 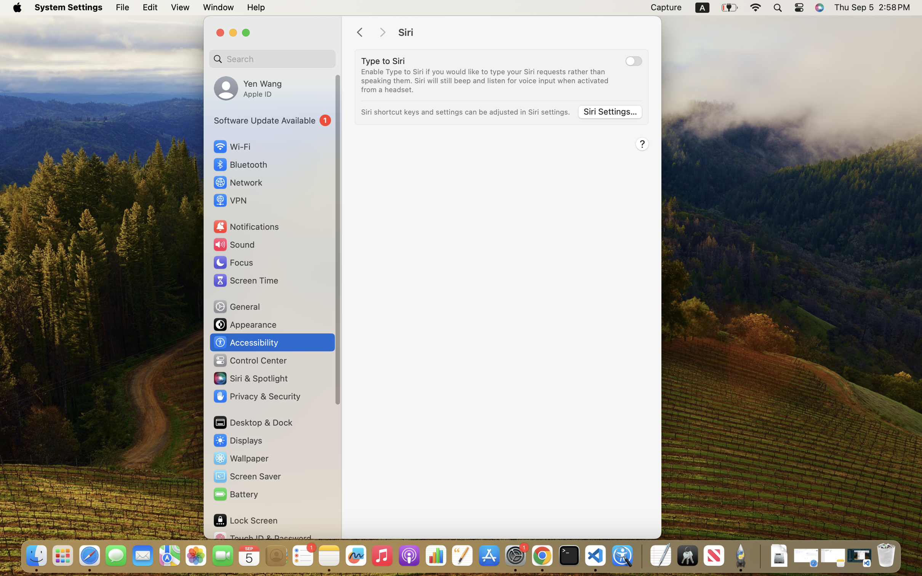 I want to click on 'Desktop & Dock', so click(x=252, y=422).